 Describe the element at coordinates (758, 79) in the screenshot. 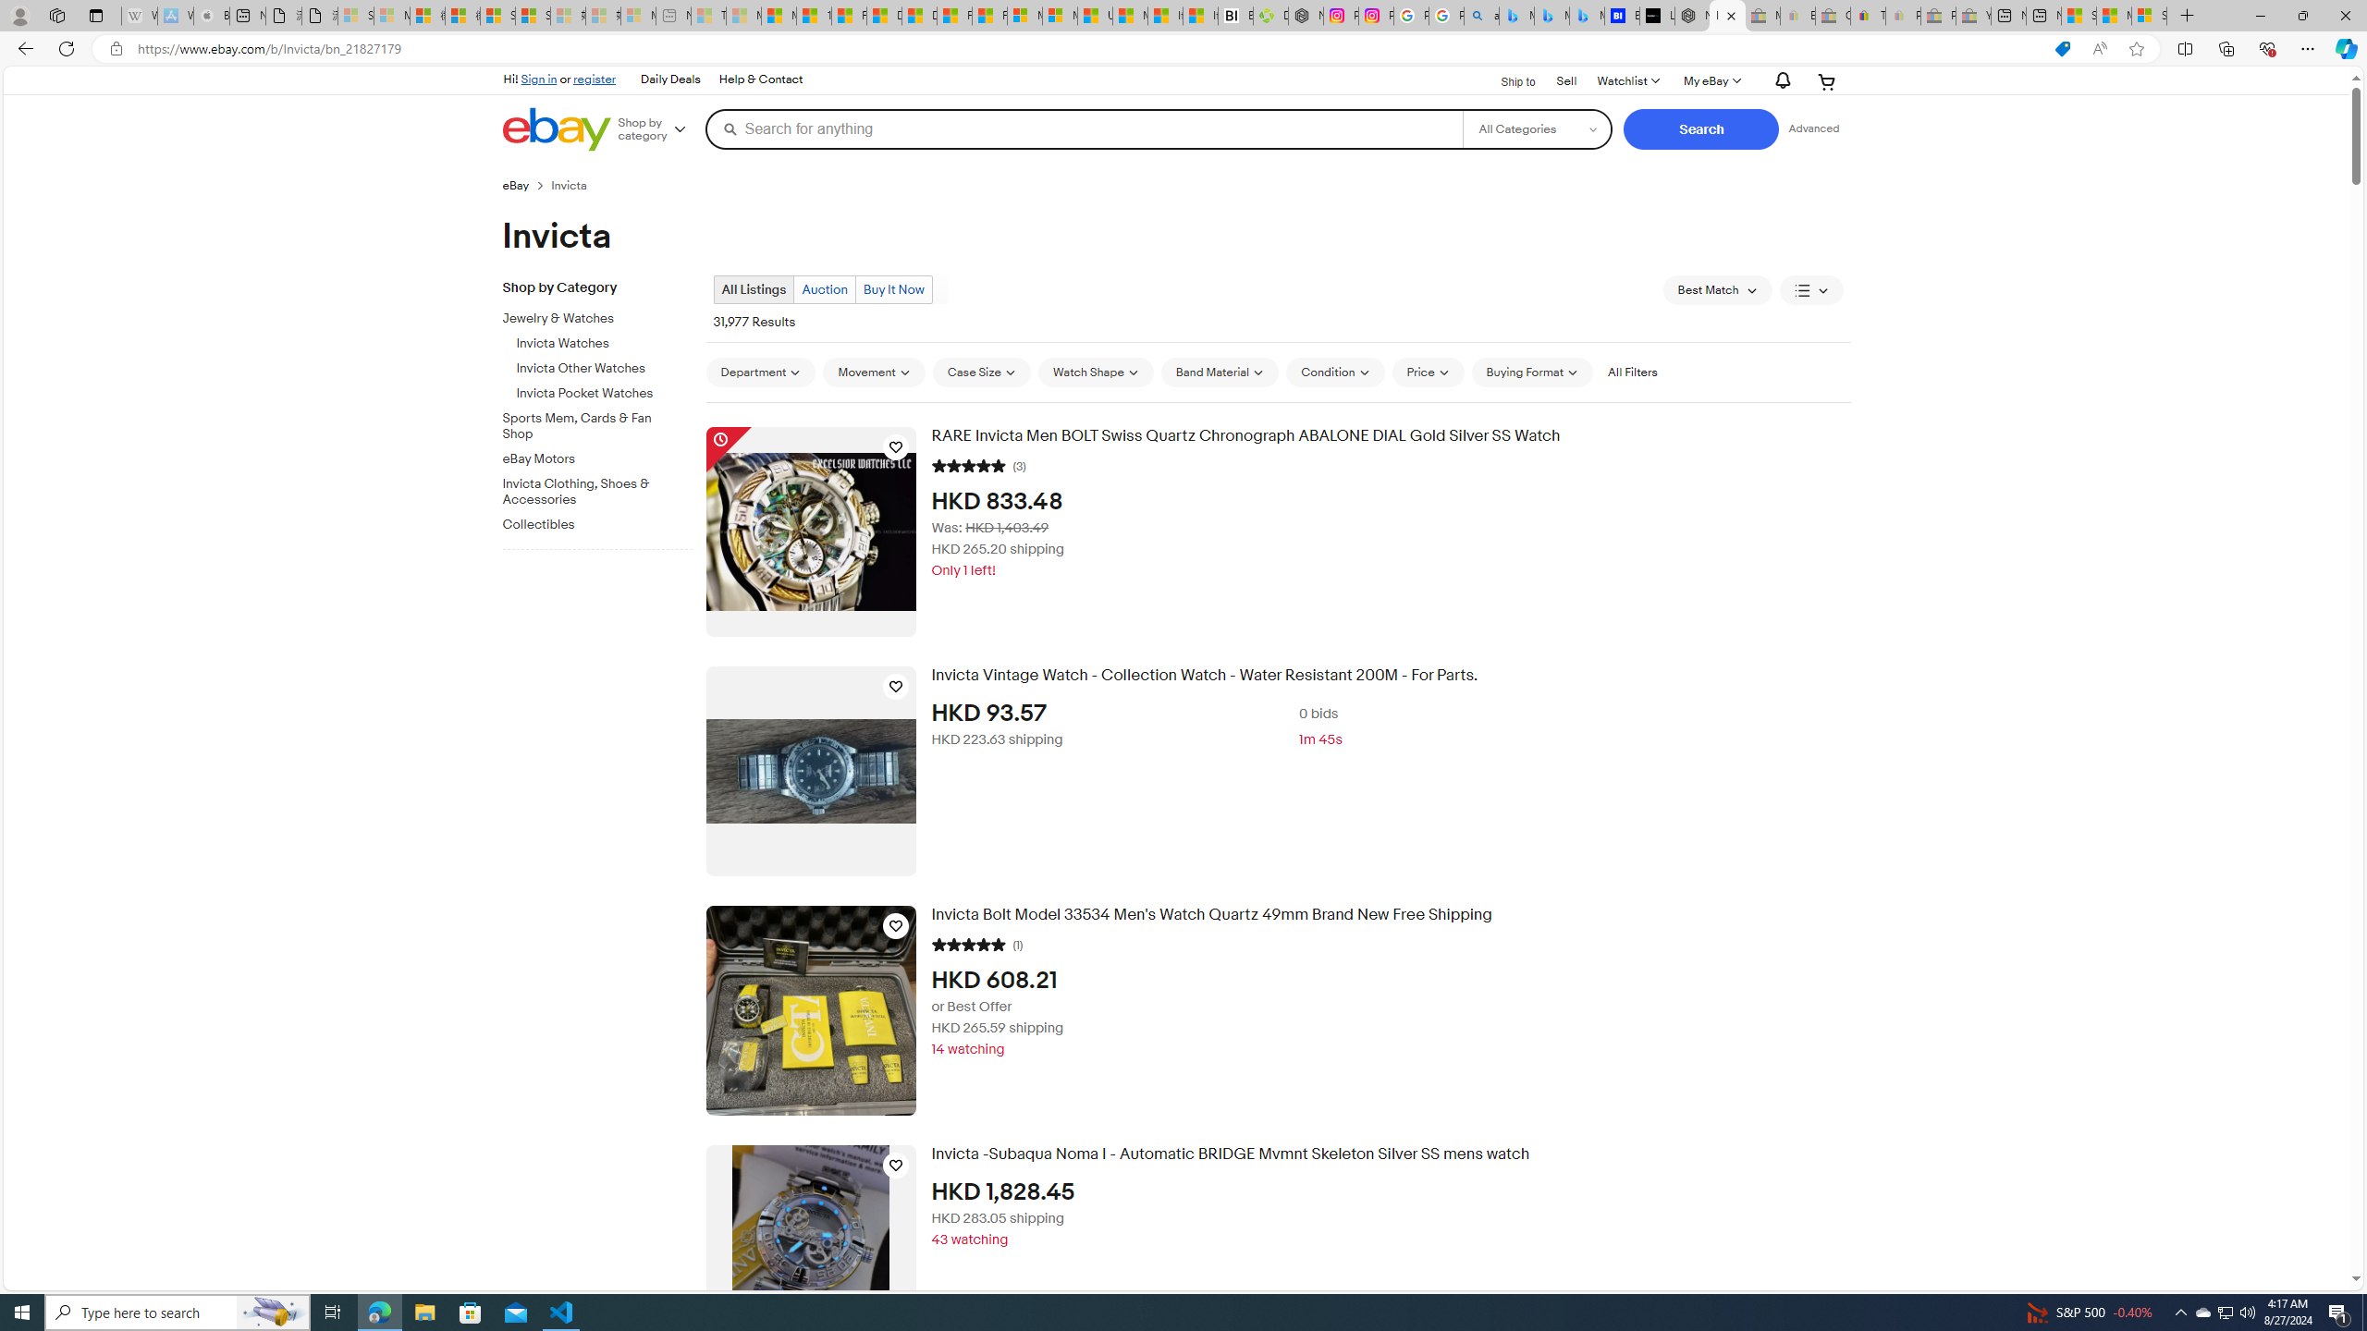

I see `'Help & Contact'` at that location.